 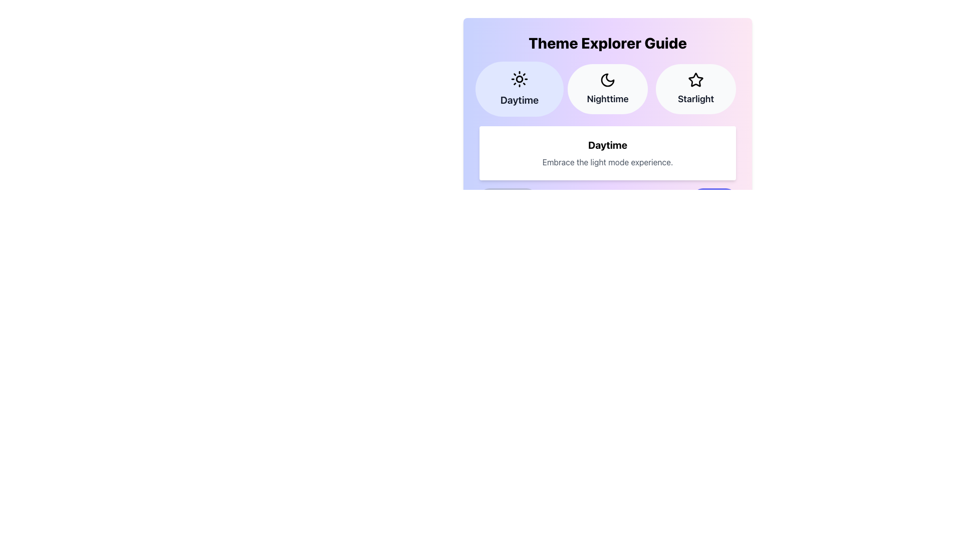 I want to click on the static text label that displays 'Daytime' in bold font, located beneath a sun icon within the 'Theme Explorer Guide' card, so click(x=519, y=100).